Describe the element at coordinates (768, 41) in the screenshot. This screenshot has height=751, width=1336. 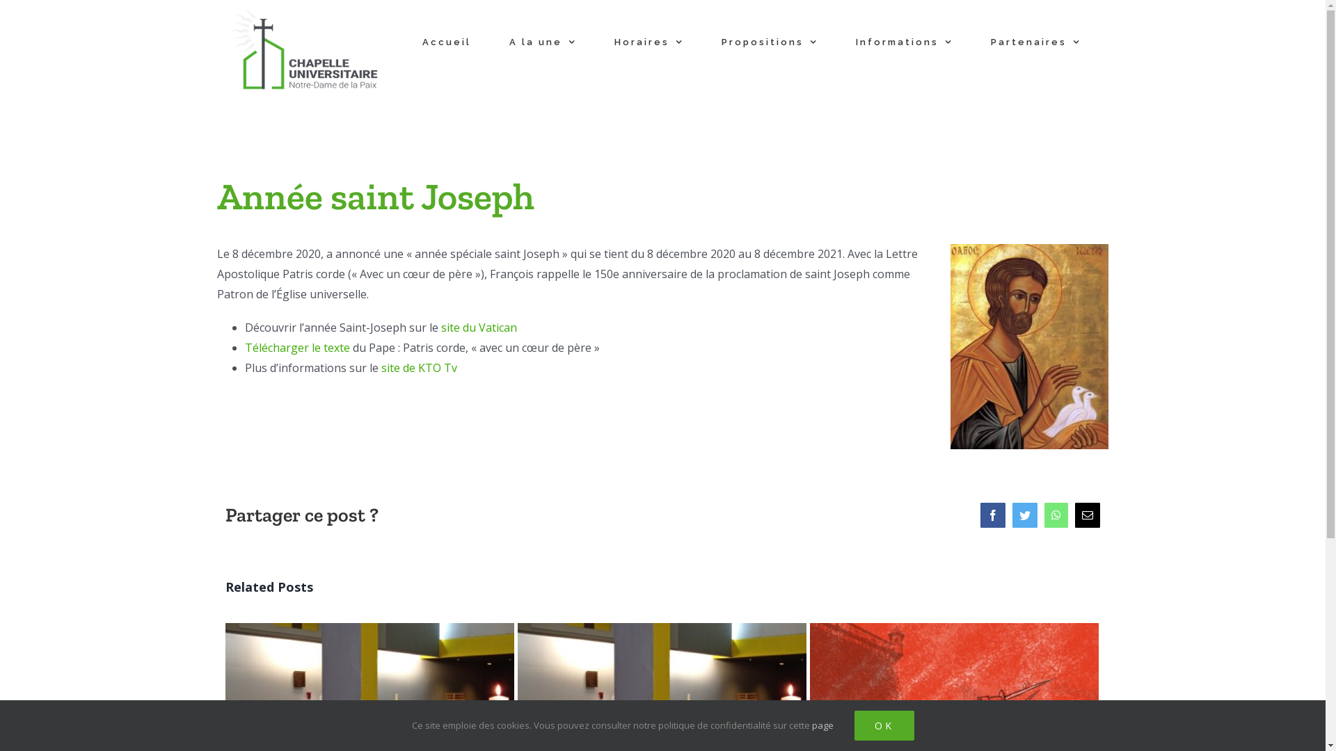
I see `'Propositions'` at that location.